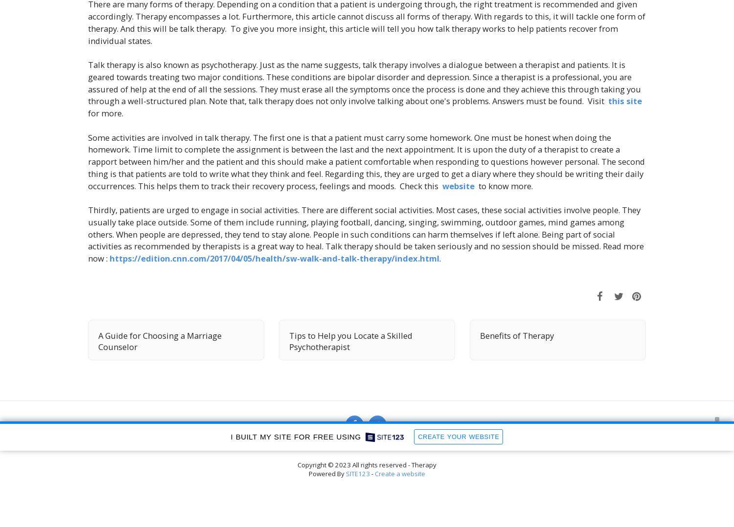 The height and width of the screenshot is (527, 734). Describe the element at coordinates (230, 437) in the screenshot. I see `'I BUILT MY SITE FOR FREE USING'` at that location.